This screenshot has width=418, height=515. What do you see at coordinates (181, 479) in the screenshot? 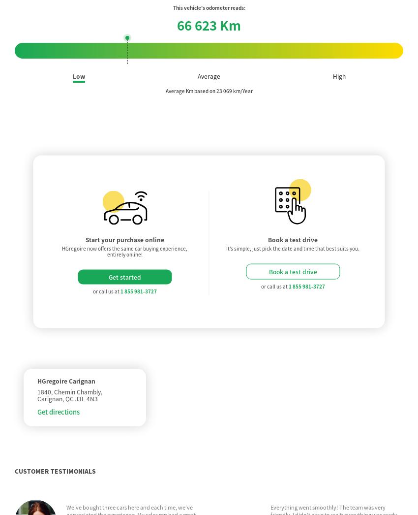
I see `'Cadillac'` at bounding box center [181, 479].